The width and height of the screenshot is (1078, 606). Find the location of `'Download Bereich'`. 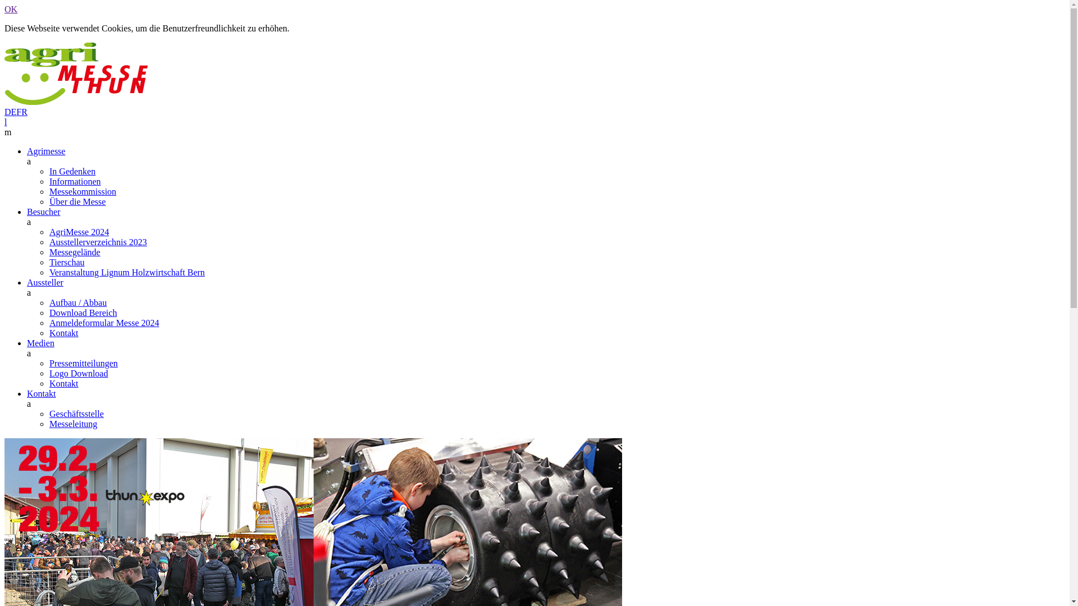

'Download Bereich' is located at coordinates (83, 313).